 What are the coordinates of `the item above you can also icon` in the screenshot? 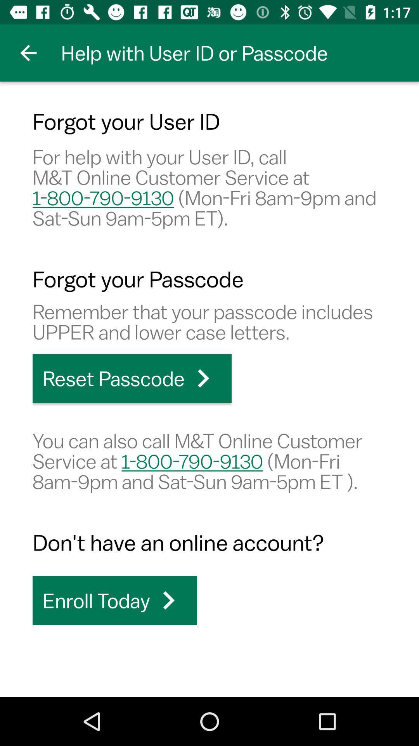 It's located at (132, 378).